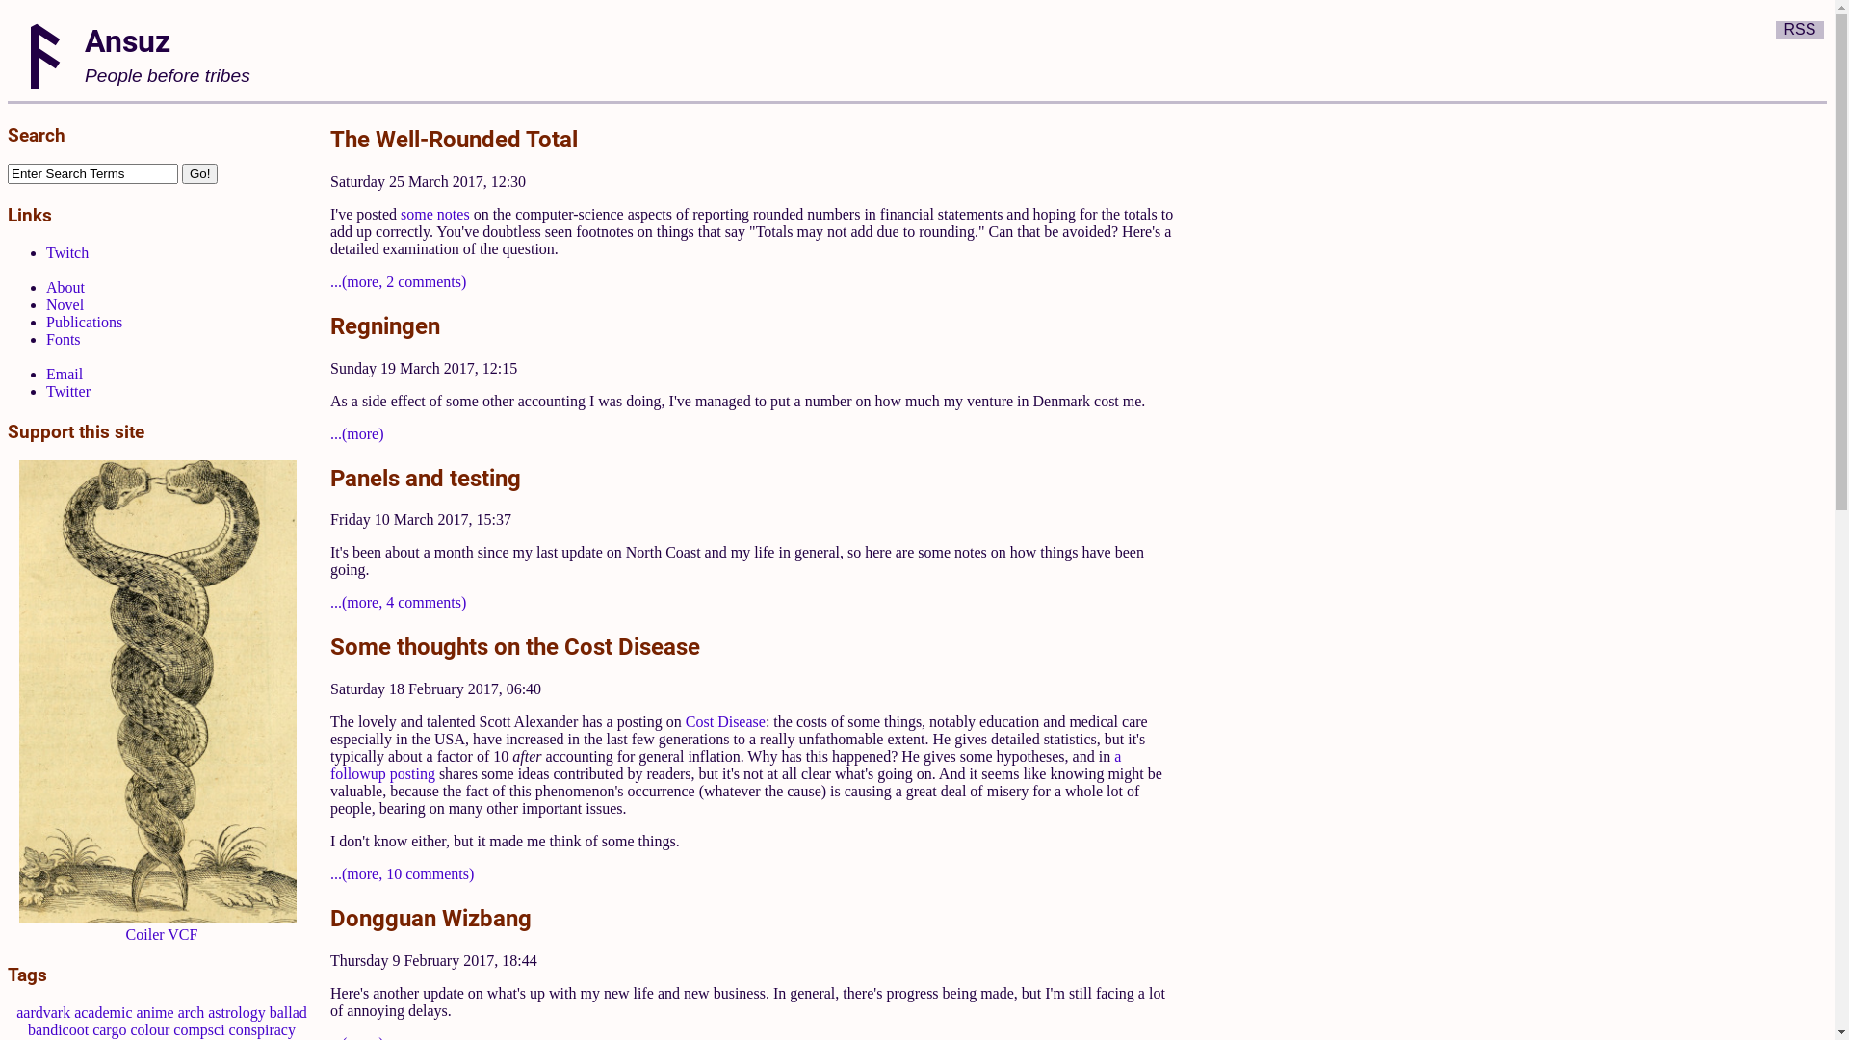 This screenshot has width=1849, height=1040. Describe the element at coordinates (58, 1028) in the screenshot. I see `'bandicoot'` at that location.